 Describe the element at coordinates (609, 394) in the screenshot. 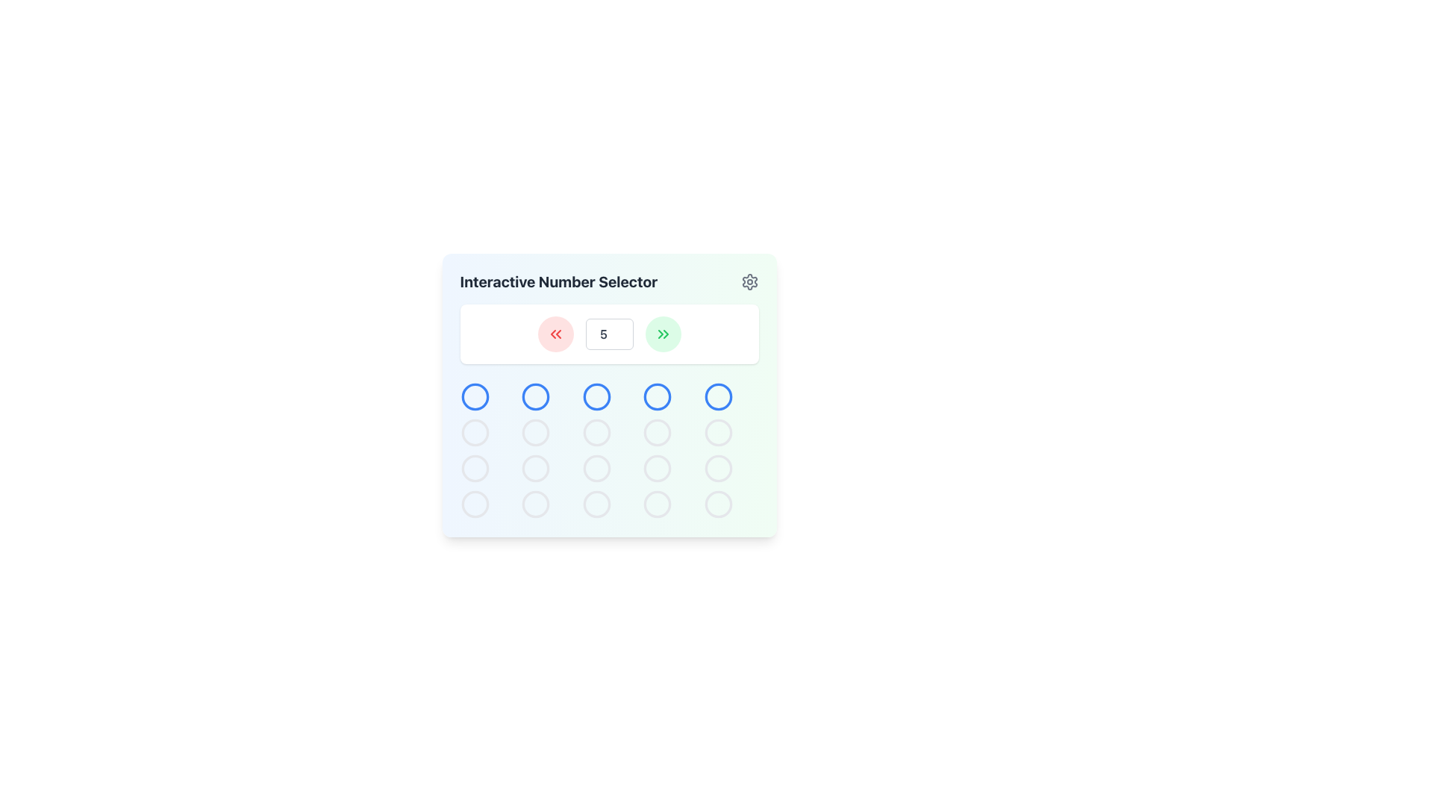

I see `the interactive circle button located in the second row and third column of the grid` at that location.